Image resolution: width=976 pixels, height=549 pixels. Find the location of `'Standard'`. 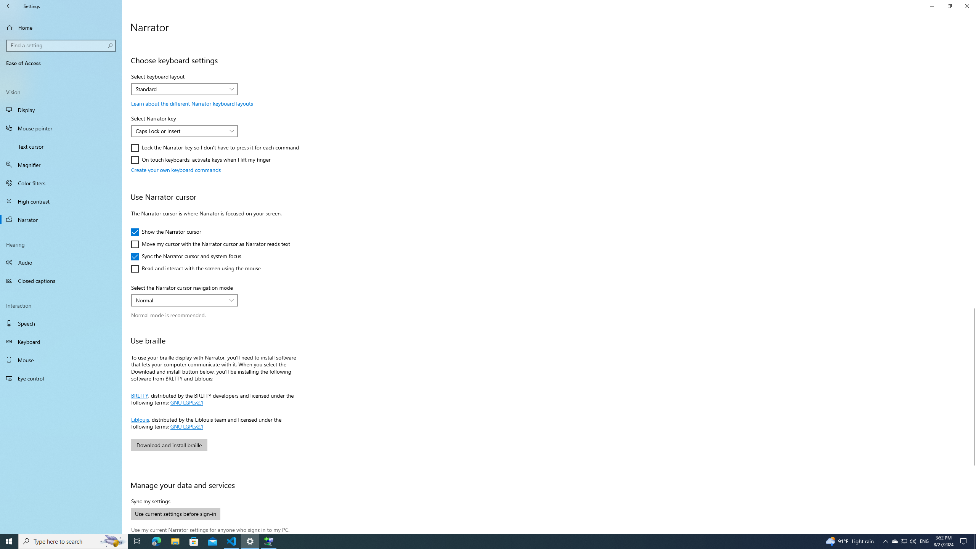

'Standard' is located at coordinates (180, 89).